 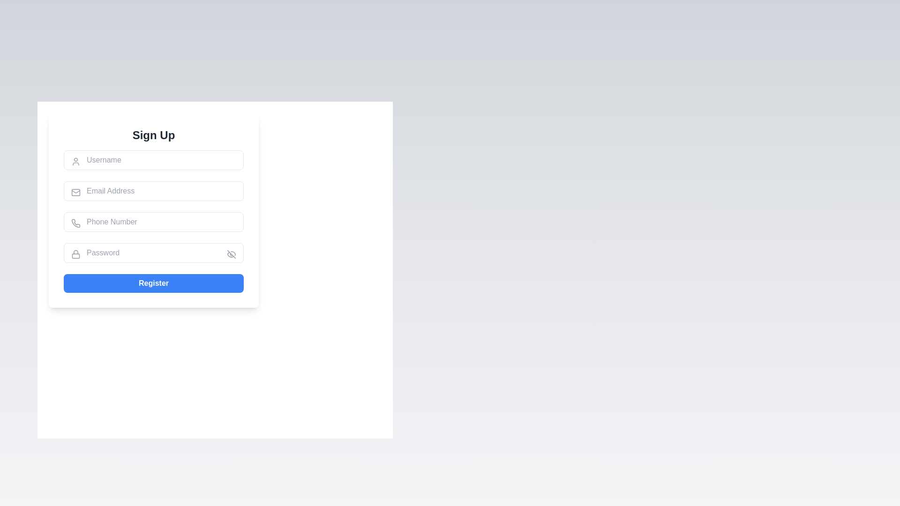 I want to click on SVG properties of the phone icon located within the 'Phone Number' input field, which serves as an indicator for the required phone number input, so click(x=76, y=223).